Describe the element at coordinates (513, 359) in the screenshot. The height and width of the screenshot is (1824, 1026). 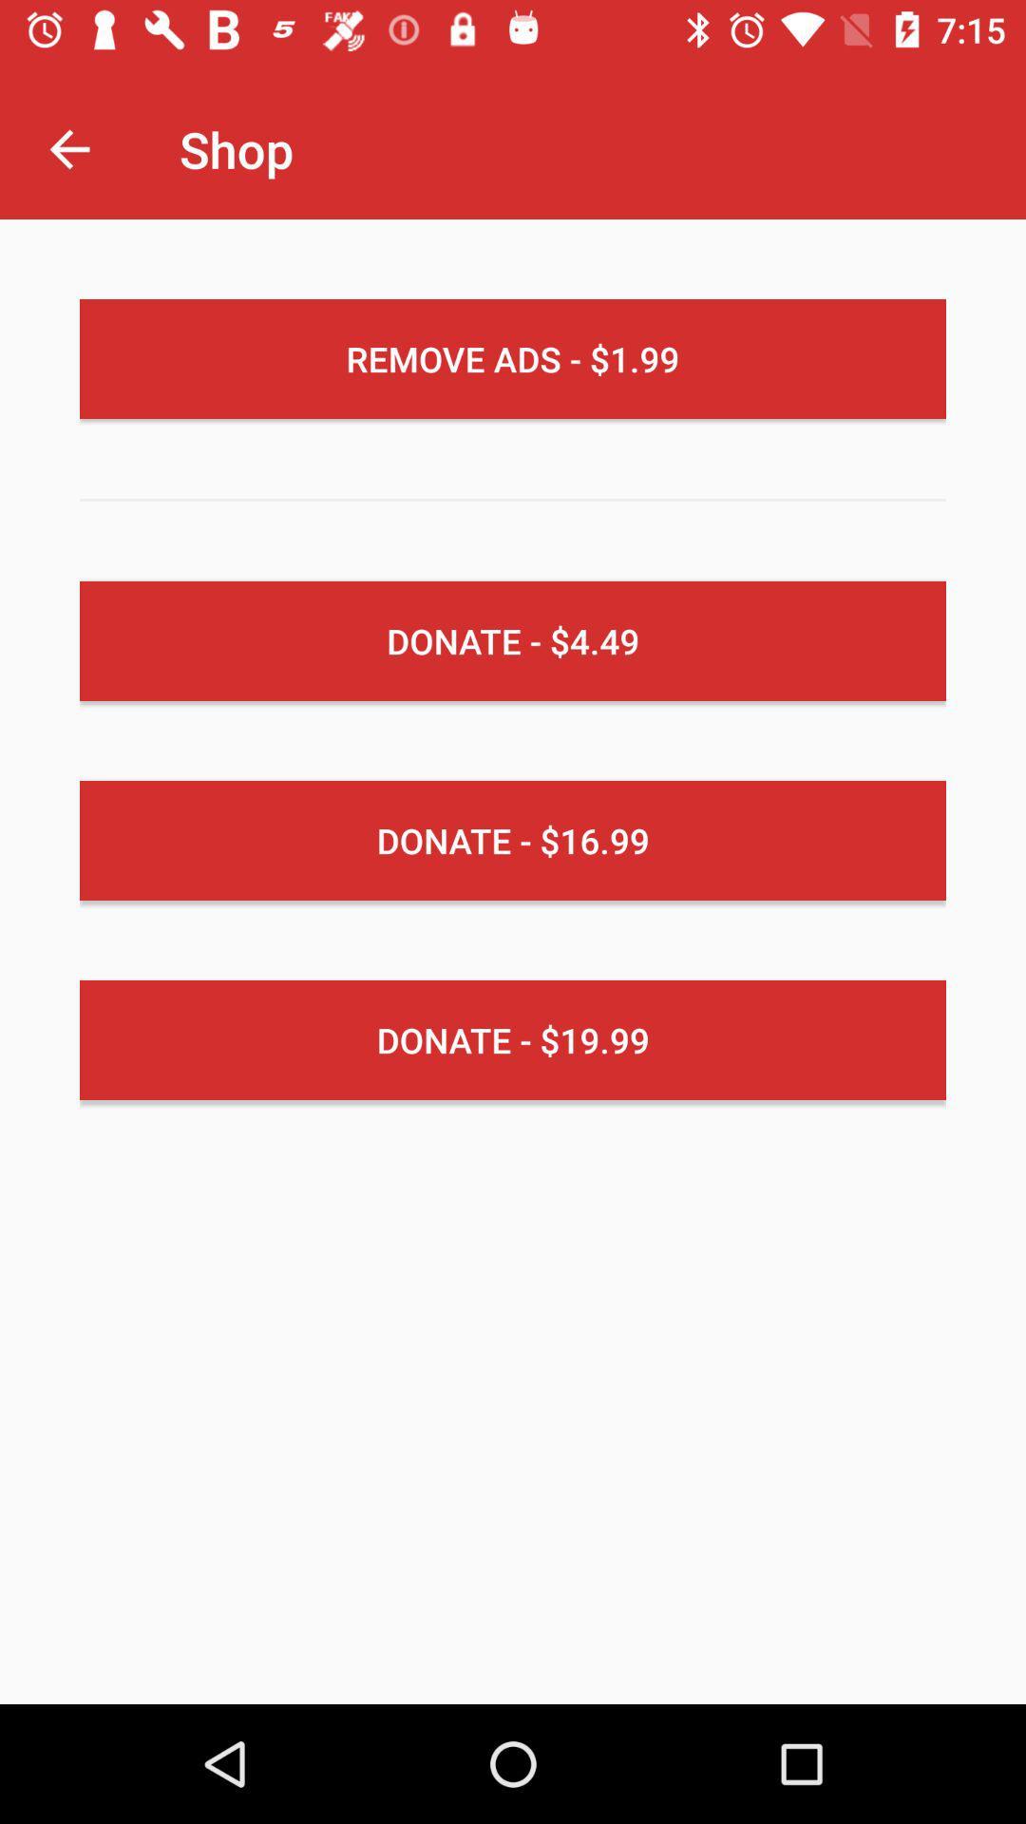
I see `the remove ads 1 item` at that location.